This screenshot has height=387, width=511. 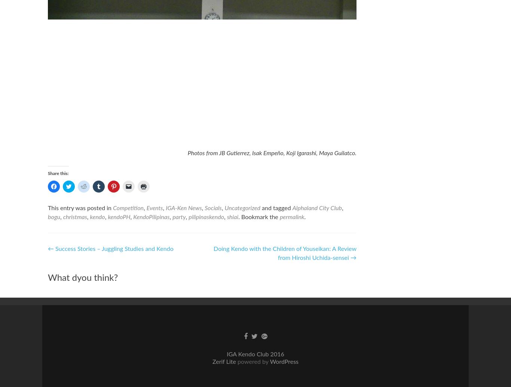 I want to click on 'Competition', so click(x=113, y=208).